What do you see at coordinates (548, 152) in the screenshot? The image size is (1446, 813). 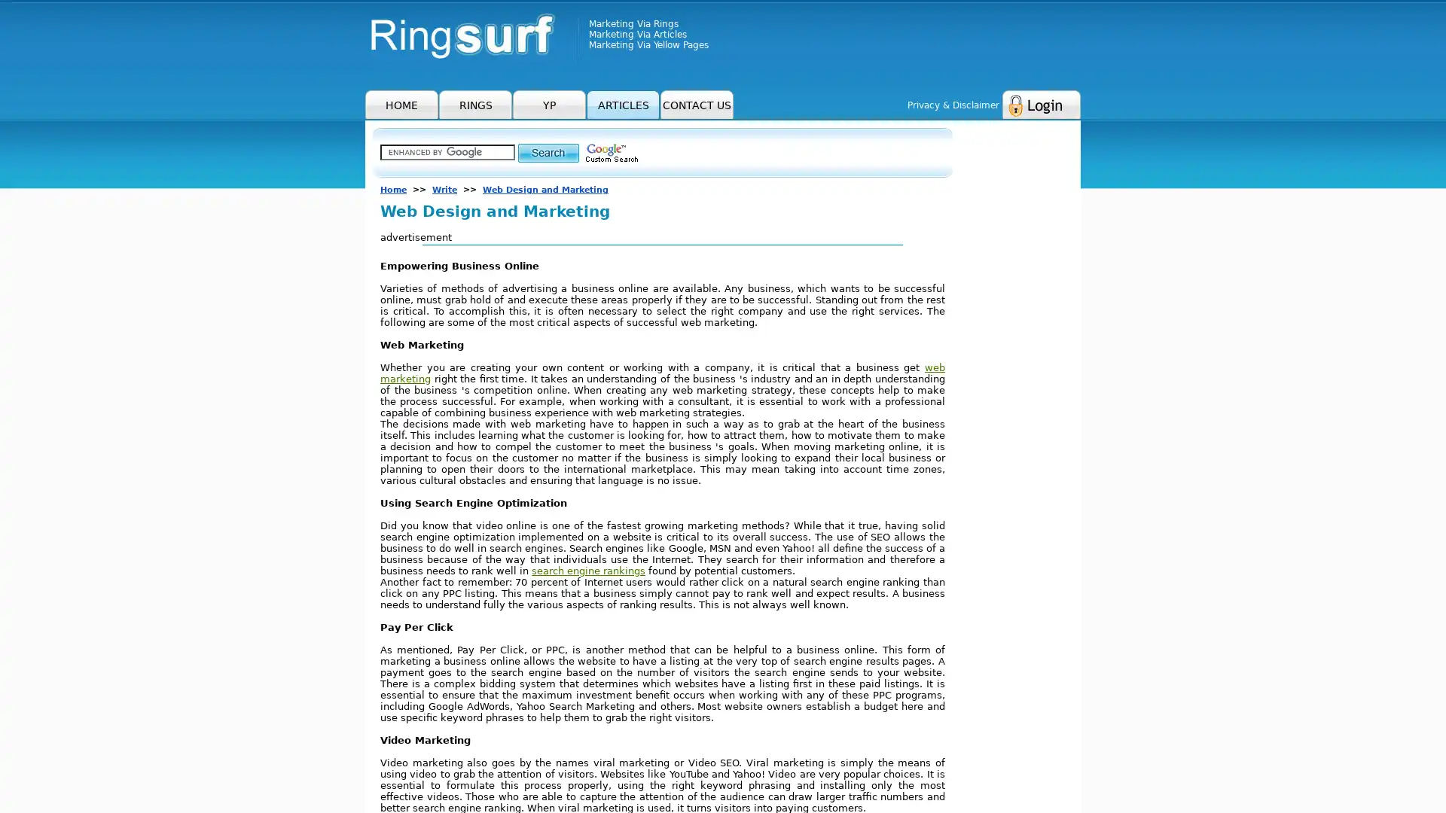 I see `Submit` at bounding box center [548, 152].